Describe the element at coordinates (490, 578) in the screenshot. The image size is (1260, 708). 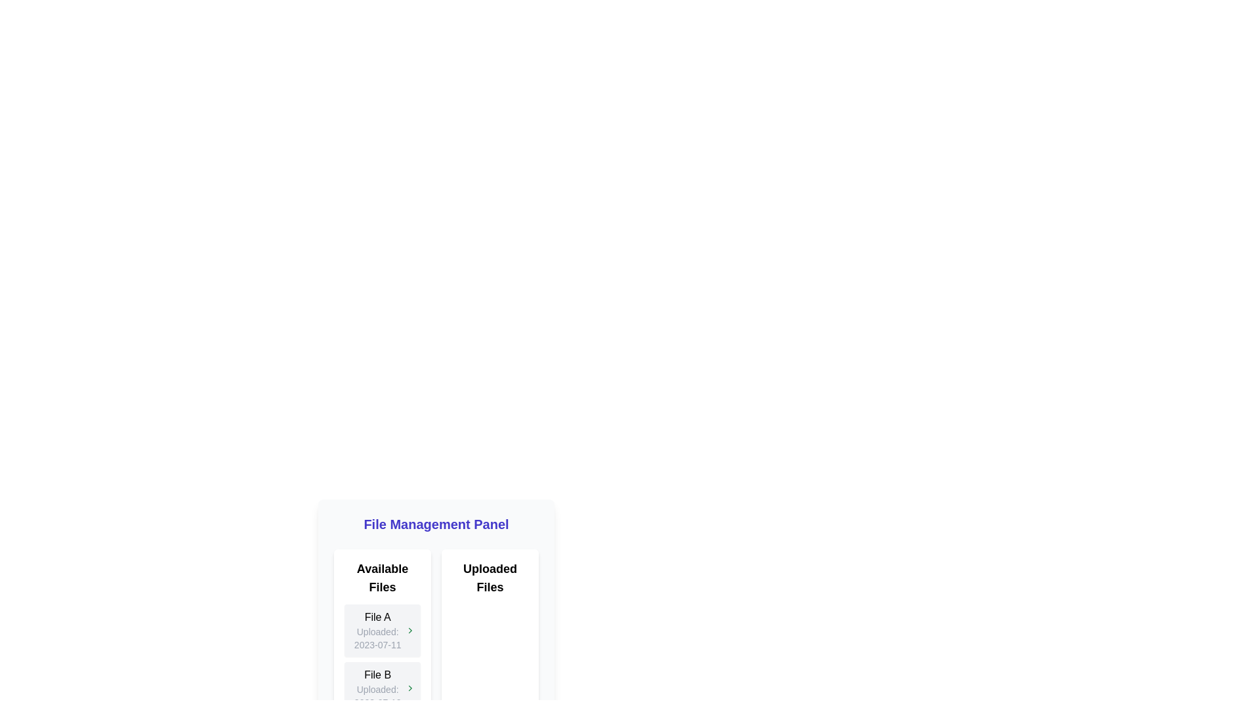
I see `the bold black text reading 'Uploaded Files' located in the top-center of a white rounded rectangular box` at that location.